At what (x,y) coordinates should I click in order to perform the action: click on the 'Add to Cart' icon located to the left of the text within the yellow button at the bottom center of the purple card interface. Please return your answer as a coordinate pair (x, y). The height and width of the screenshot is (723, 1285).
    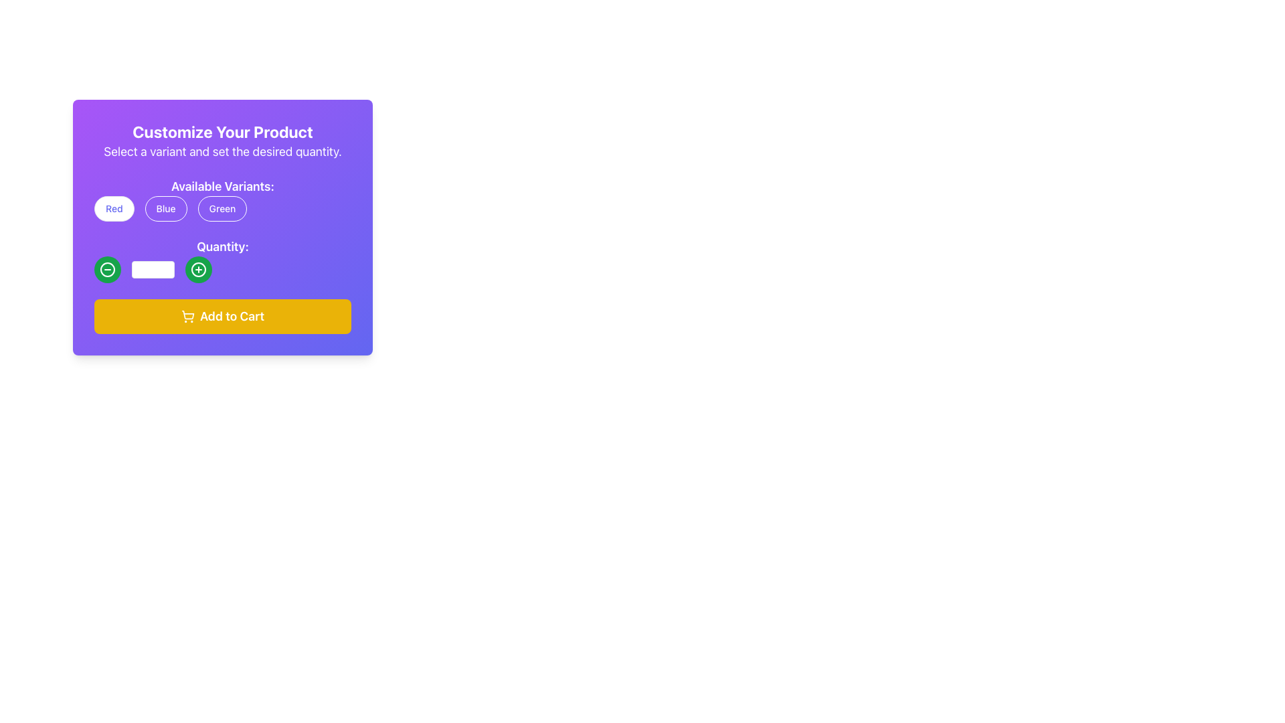
    Looking at the image, I should click on (187, 317).